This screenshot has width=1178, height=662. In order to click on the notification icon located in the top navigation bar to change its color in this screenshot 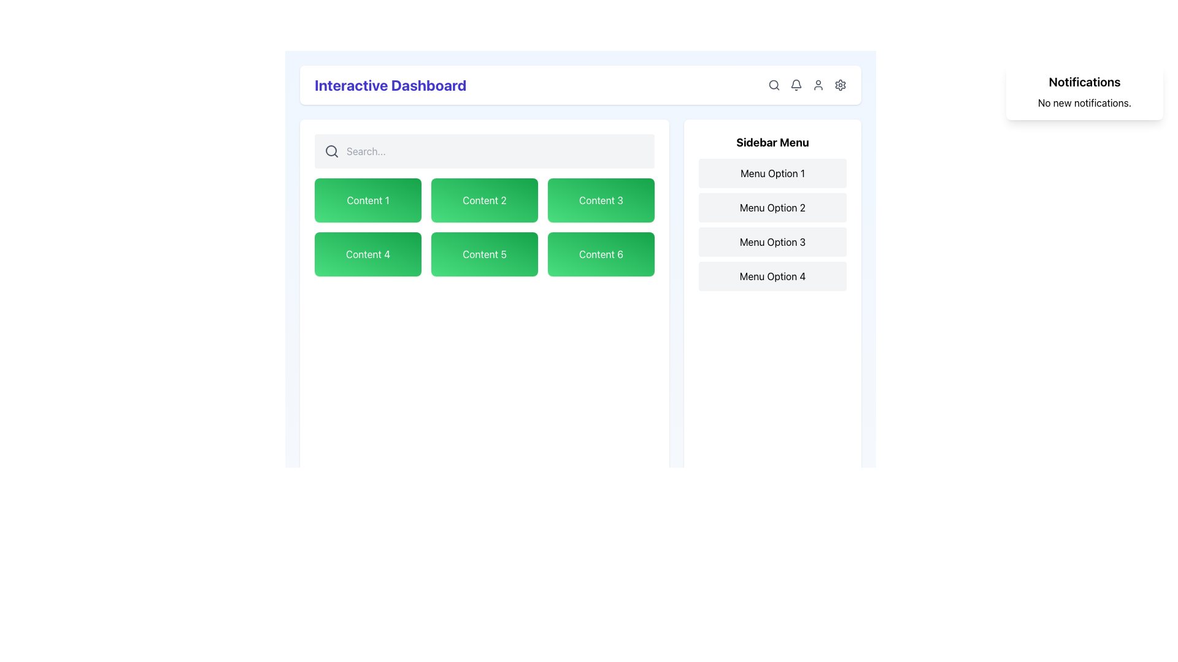, I will do `click(796, 84)`.